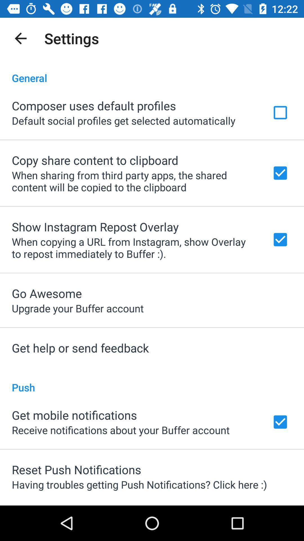  I want to click on the icon to the left of the settings icon, so click(20, 38).